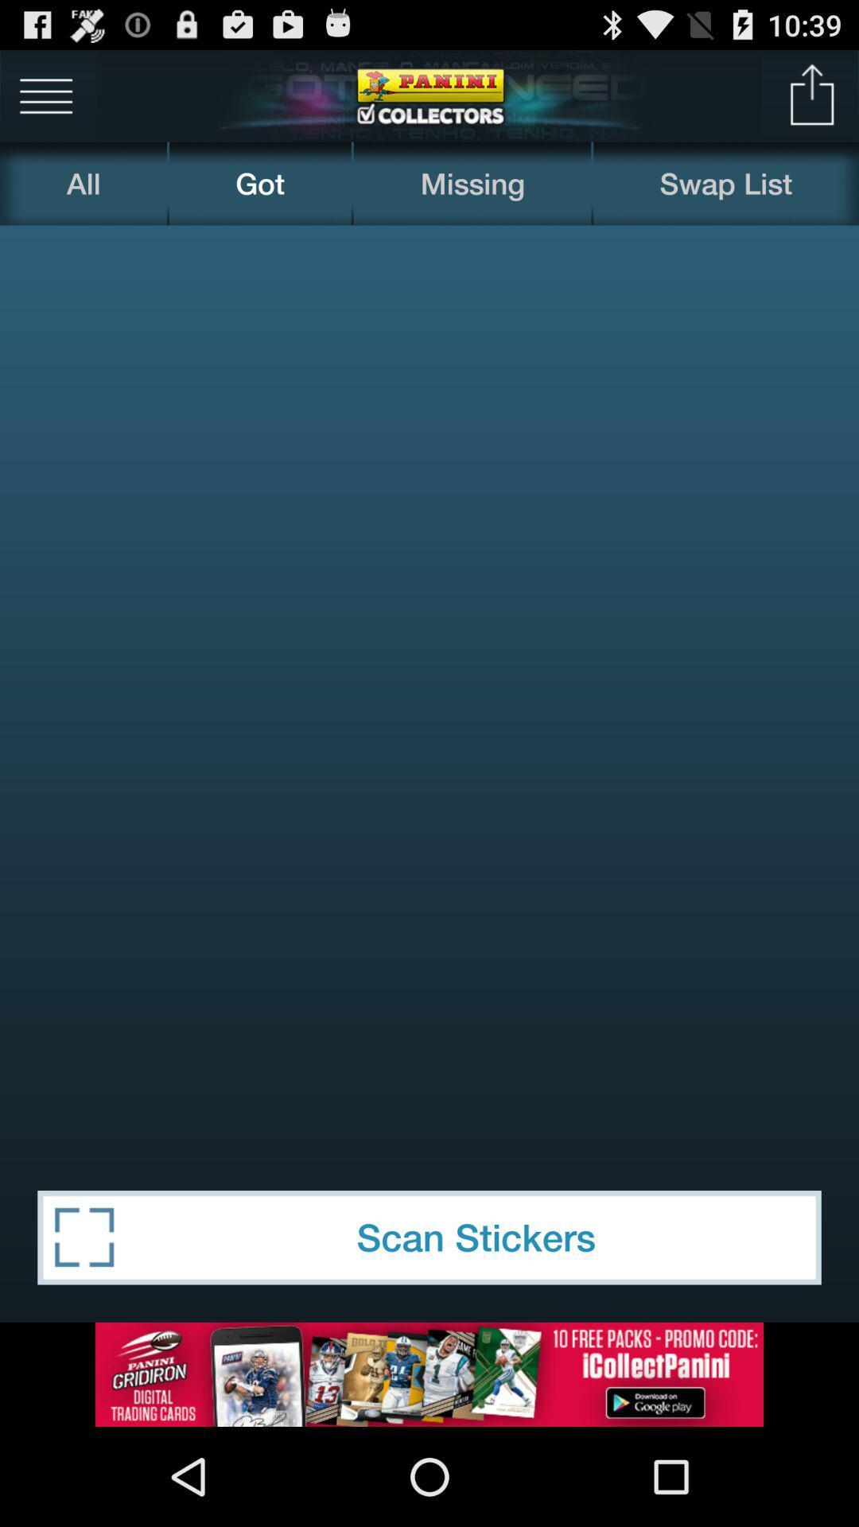 The height and width of the screenshot is (1527, 859). I want to click on the missing item, so click(472, 183).